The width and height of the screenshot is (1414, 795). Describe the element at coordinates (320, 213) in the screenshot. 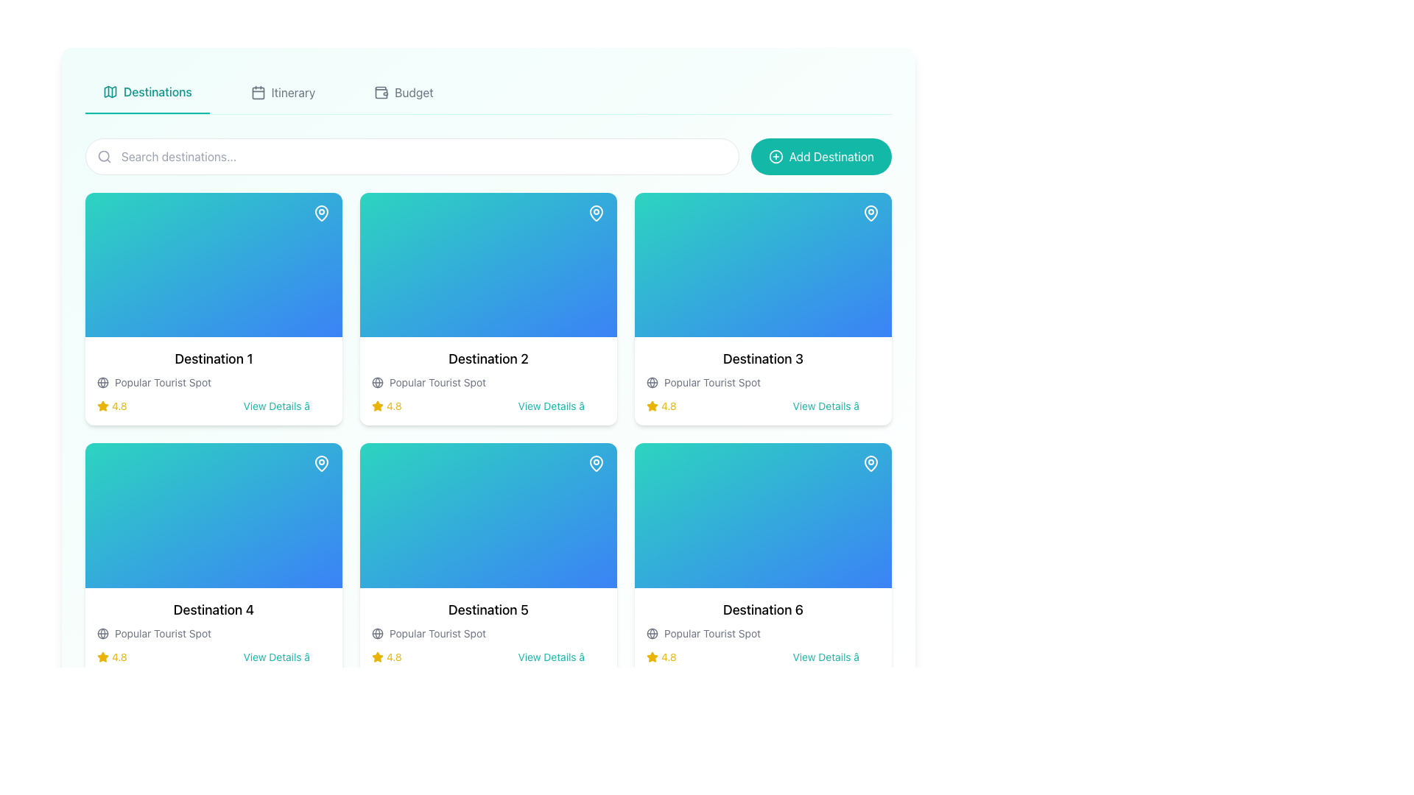

I see `the blue gradient map pin icon located at the top-right corner of the 'Destination 1' card` at that location.